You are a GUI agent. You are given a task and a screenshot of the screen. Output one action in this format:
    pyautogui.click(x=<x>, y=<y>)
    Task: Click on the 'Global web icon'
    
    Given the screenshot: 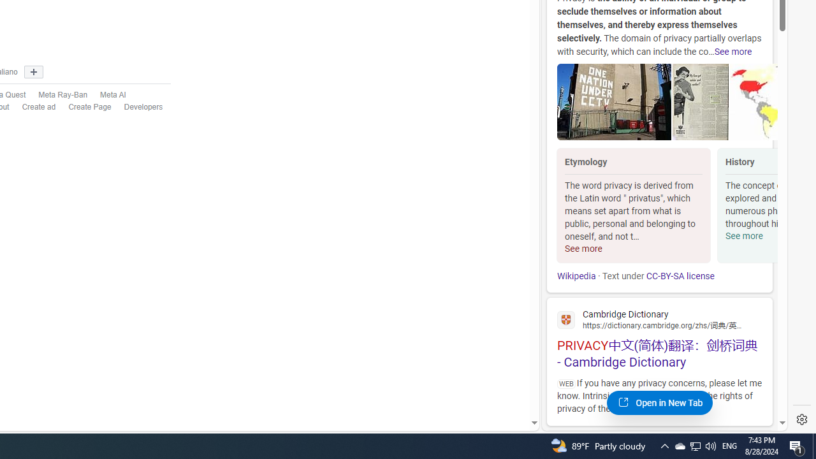 What is the action you would take?
    pyautogui.click(x=565, y=319)
    